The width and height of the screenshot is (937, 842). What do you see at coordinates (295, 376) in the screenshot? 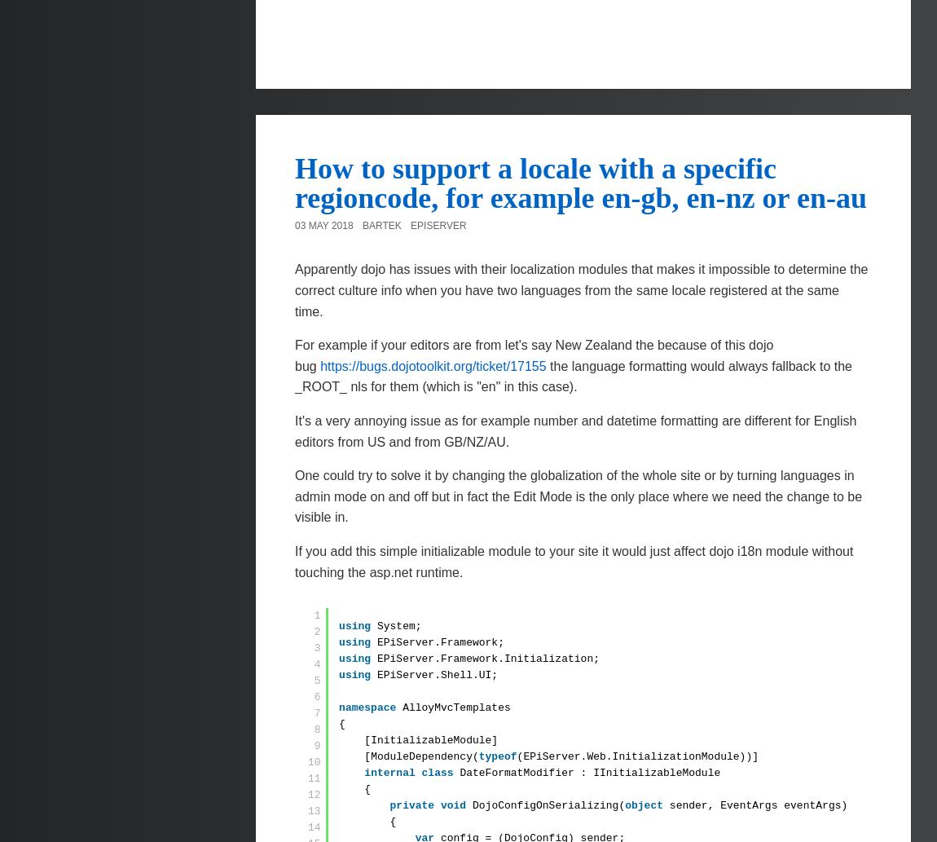
I see `'the language formatting would always fallback to the _ROOT_ nls for them (which is "en" in this case).'` at bounding box center [295, 376].